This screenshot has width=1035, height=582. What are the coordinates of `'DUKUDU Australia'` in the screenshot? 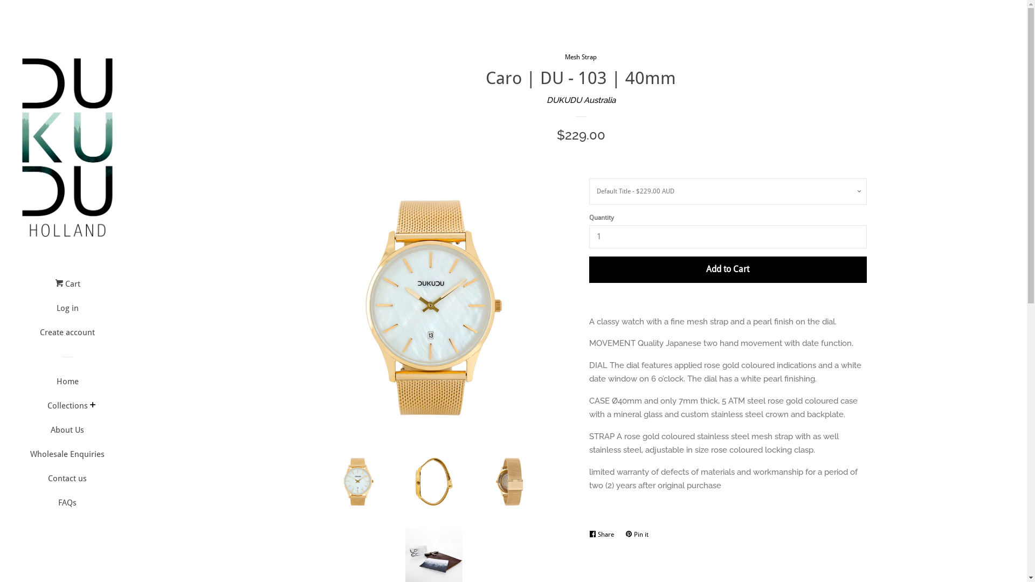 It's located at (581, 100).